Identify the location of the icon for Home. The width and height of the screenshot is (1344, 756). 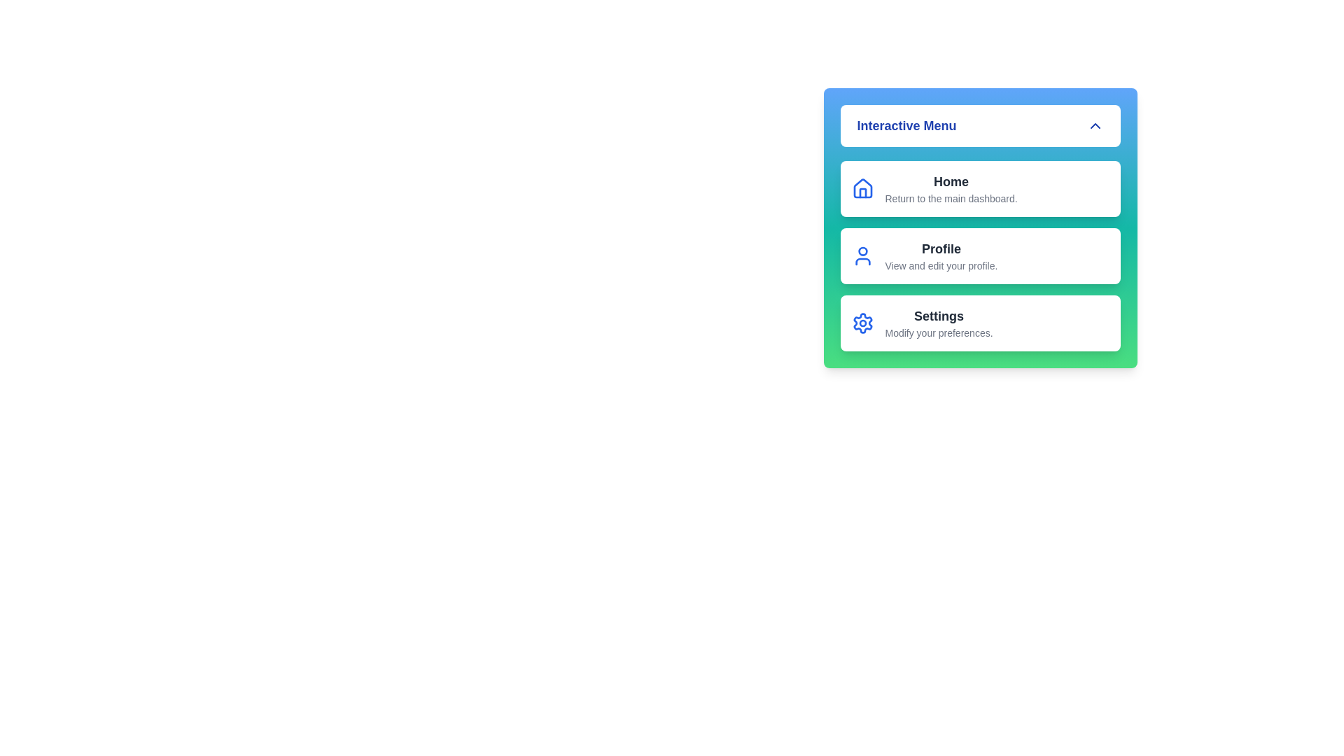
(862, 189).